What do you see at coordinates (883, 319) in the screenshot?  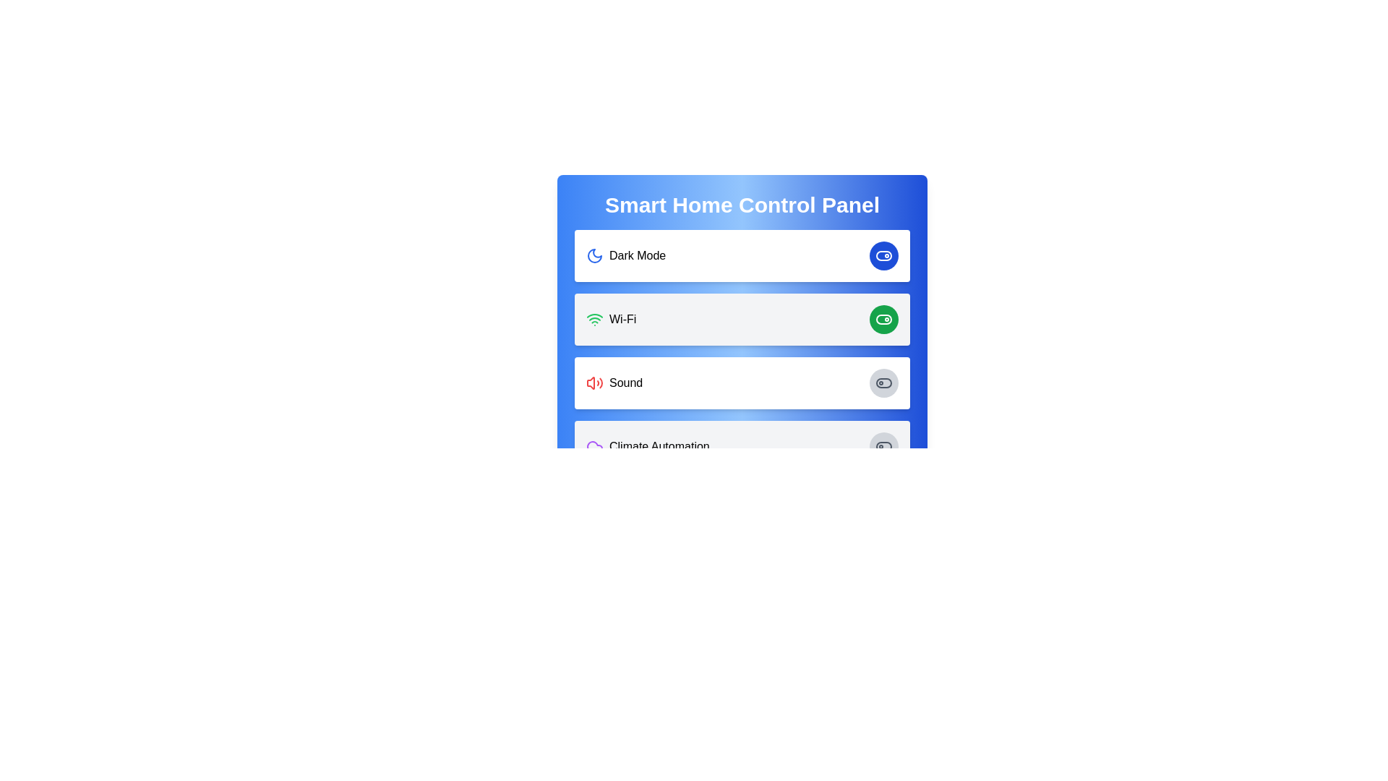 I see `the toggle switch button with a green background located to the right of the 'Wi-Fi' label in the 'Smart Home Control Panel' interface for additional details` at bounding box center [883, 319].